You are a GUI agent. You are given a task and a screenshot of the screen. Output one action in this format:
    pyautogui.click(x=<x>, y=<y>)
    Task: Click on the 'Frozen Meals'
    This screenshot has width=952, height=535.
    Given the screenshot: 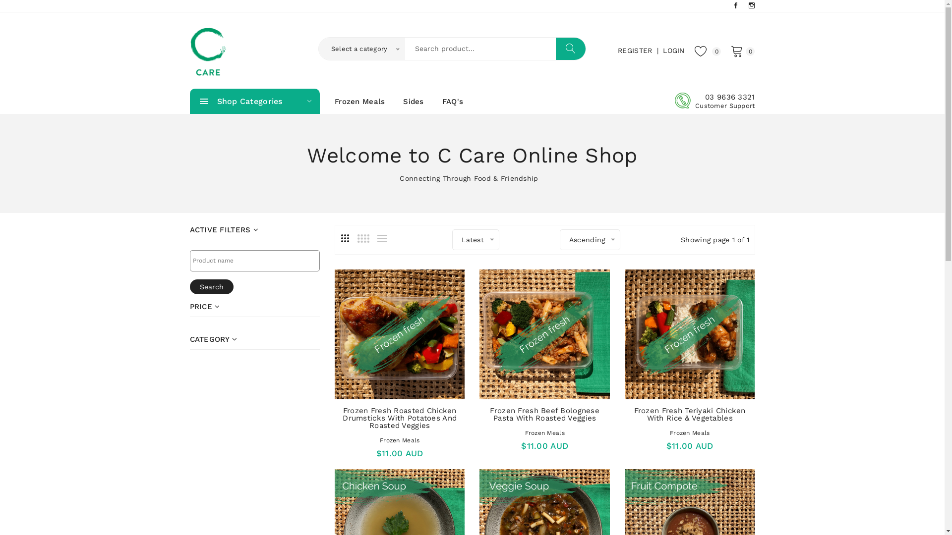 What is the action you would take?
    pyautogui.click(x=400, y=439)
    